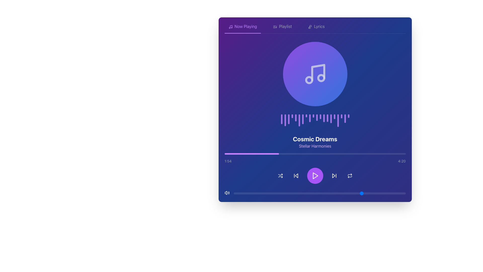 The image size is (483, 272). Describe the element at coordinates (228, 161) in the screenshot. I see `the Text label that displays the current time elapsed in the audio track, located in the bottom left corner of the player interface, slightly above the progress bar` at that location.